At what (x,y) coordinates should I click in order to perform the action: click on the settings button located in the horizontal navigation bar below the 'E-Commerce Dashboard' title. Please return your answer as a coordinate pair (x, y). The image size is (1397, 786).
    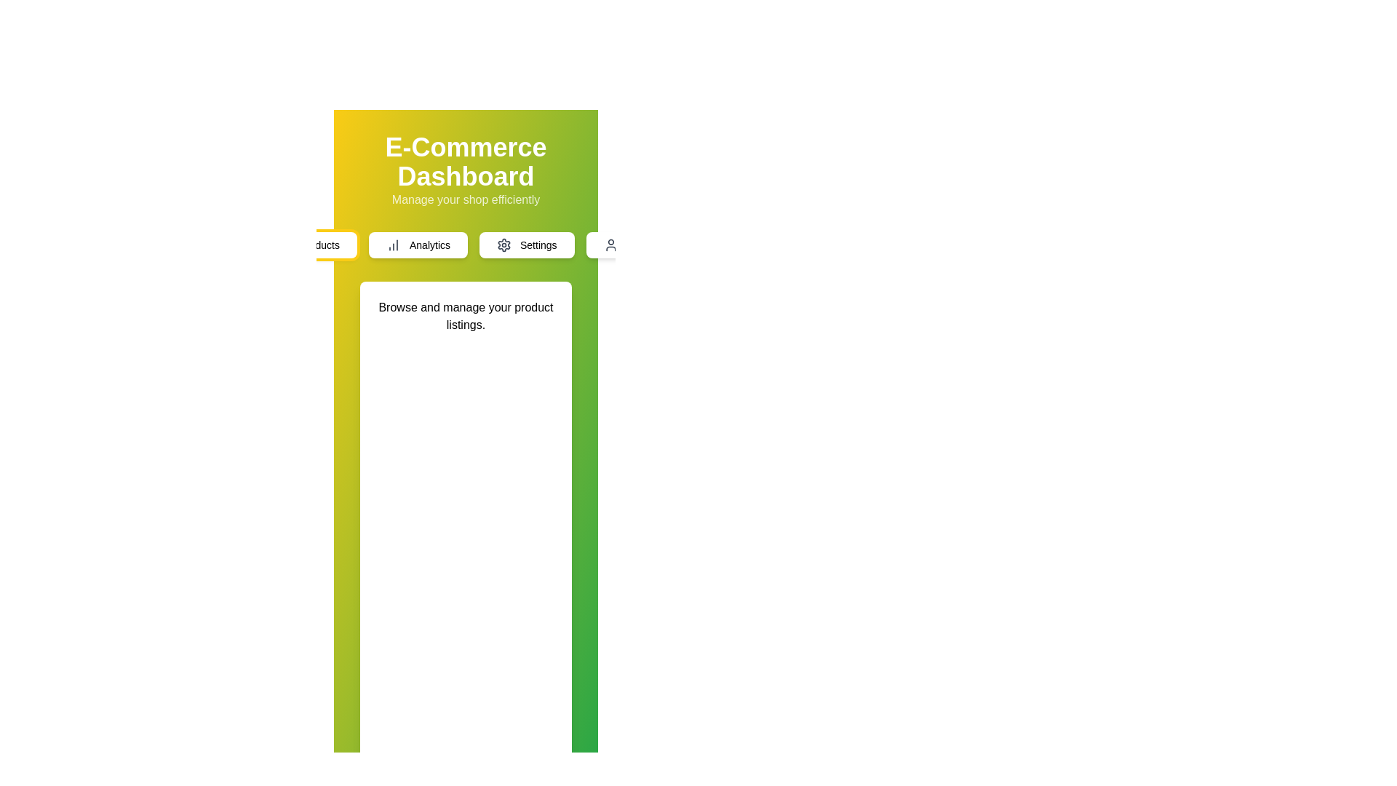
    Looking at the image, I should click on (526, 244).